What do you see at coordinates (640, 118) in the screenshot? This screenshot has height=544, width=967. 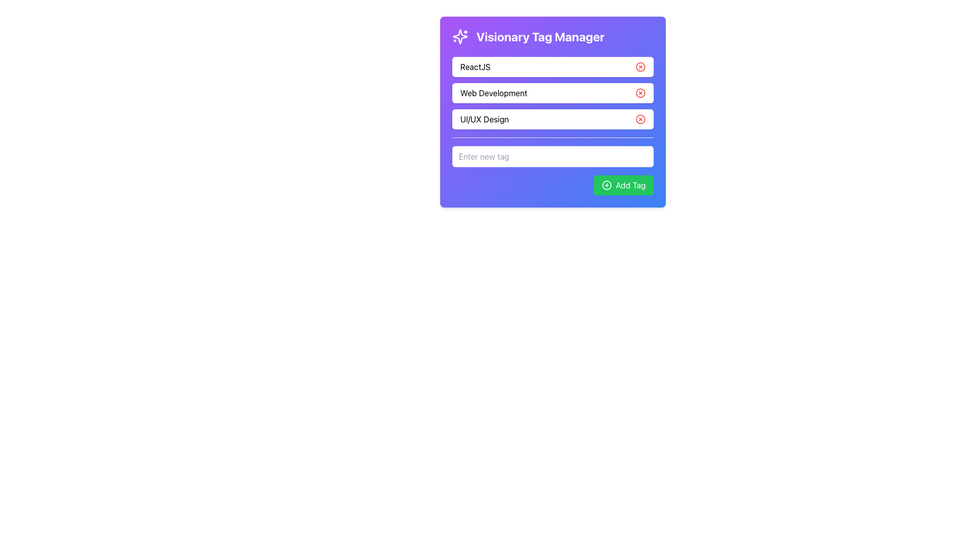 I see `the delete button located to the right of the 'UI/UX Design' text` at bounding box center [640, 118].